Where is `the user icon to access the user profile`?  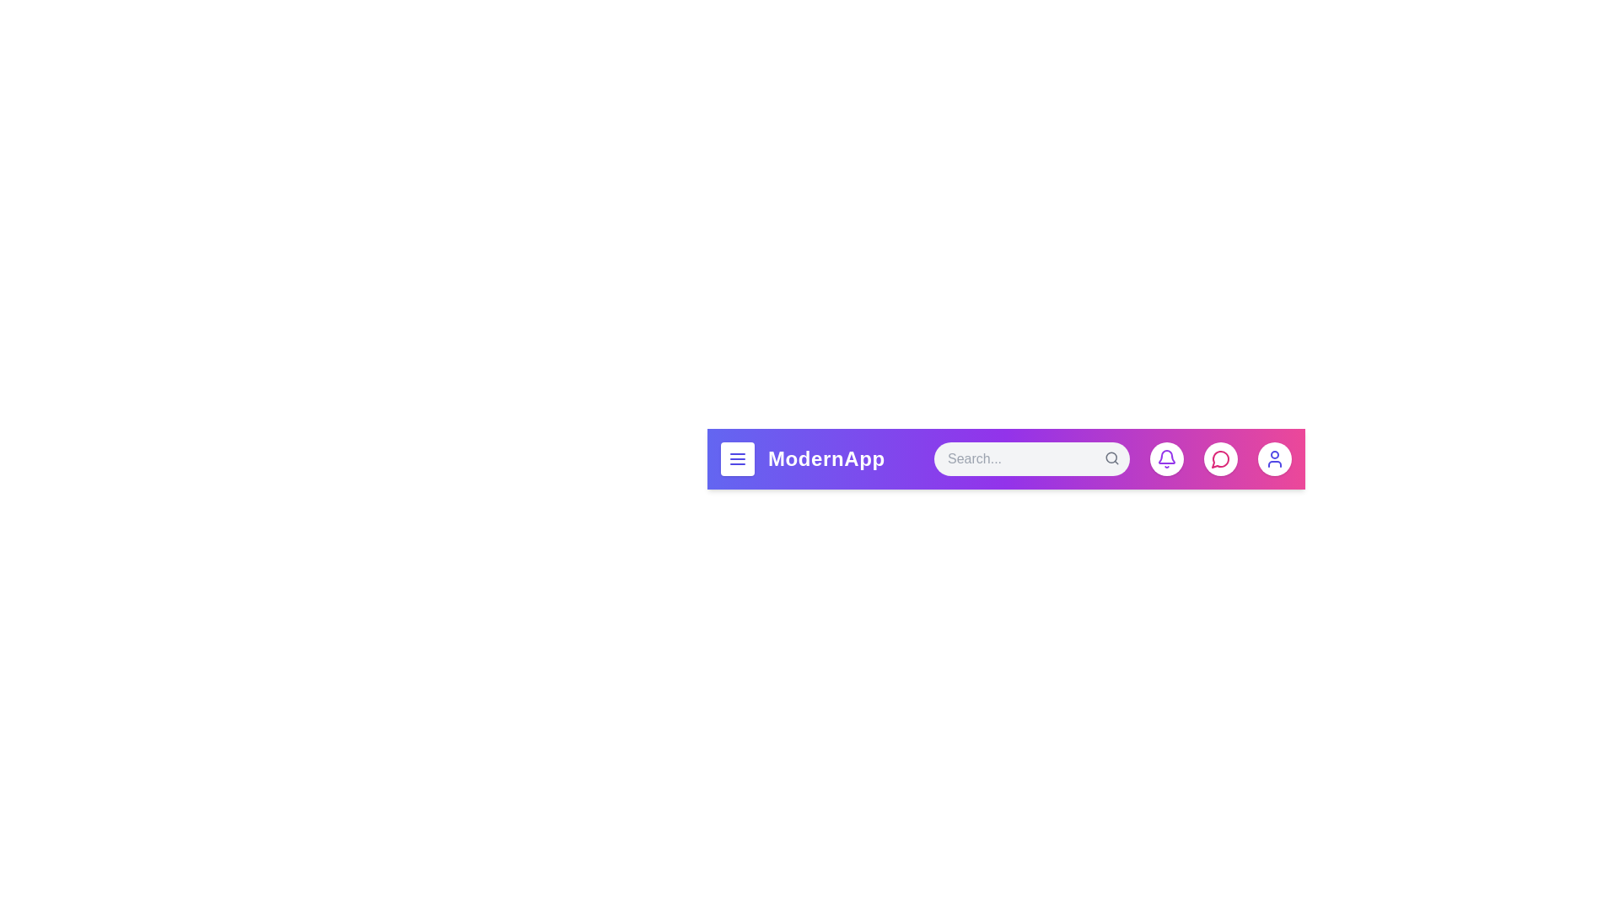 the user icon to access the user profile is located at coordinates (1275, 458).